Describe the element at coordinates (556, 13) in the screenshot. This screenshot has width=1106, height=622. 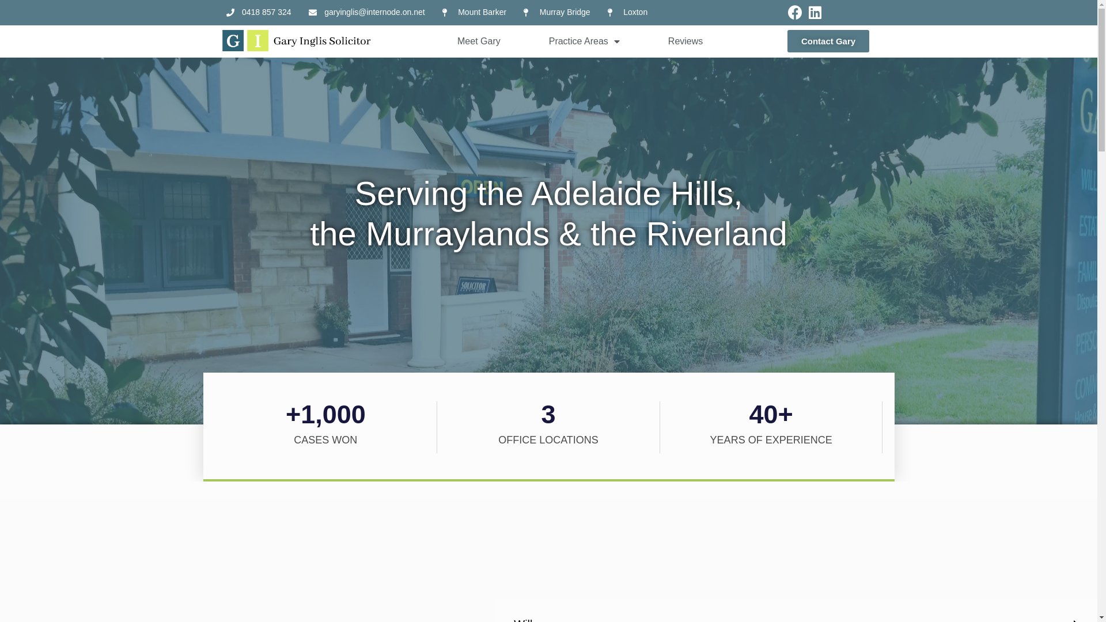
I see `'Murray Bridge'` at that location.